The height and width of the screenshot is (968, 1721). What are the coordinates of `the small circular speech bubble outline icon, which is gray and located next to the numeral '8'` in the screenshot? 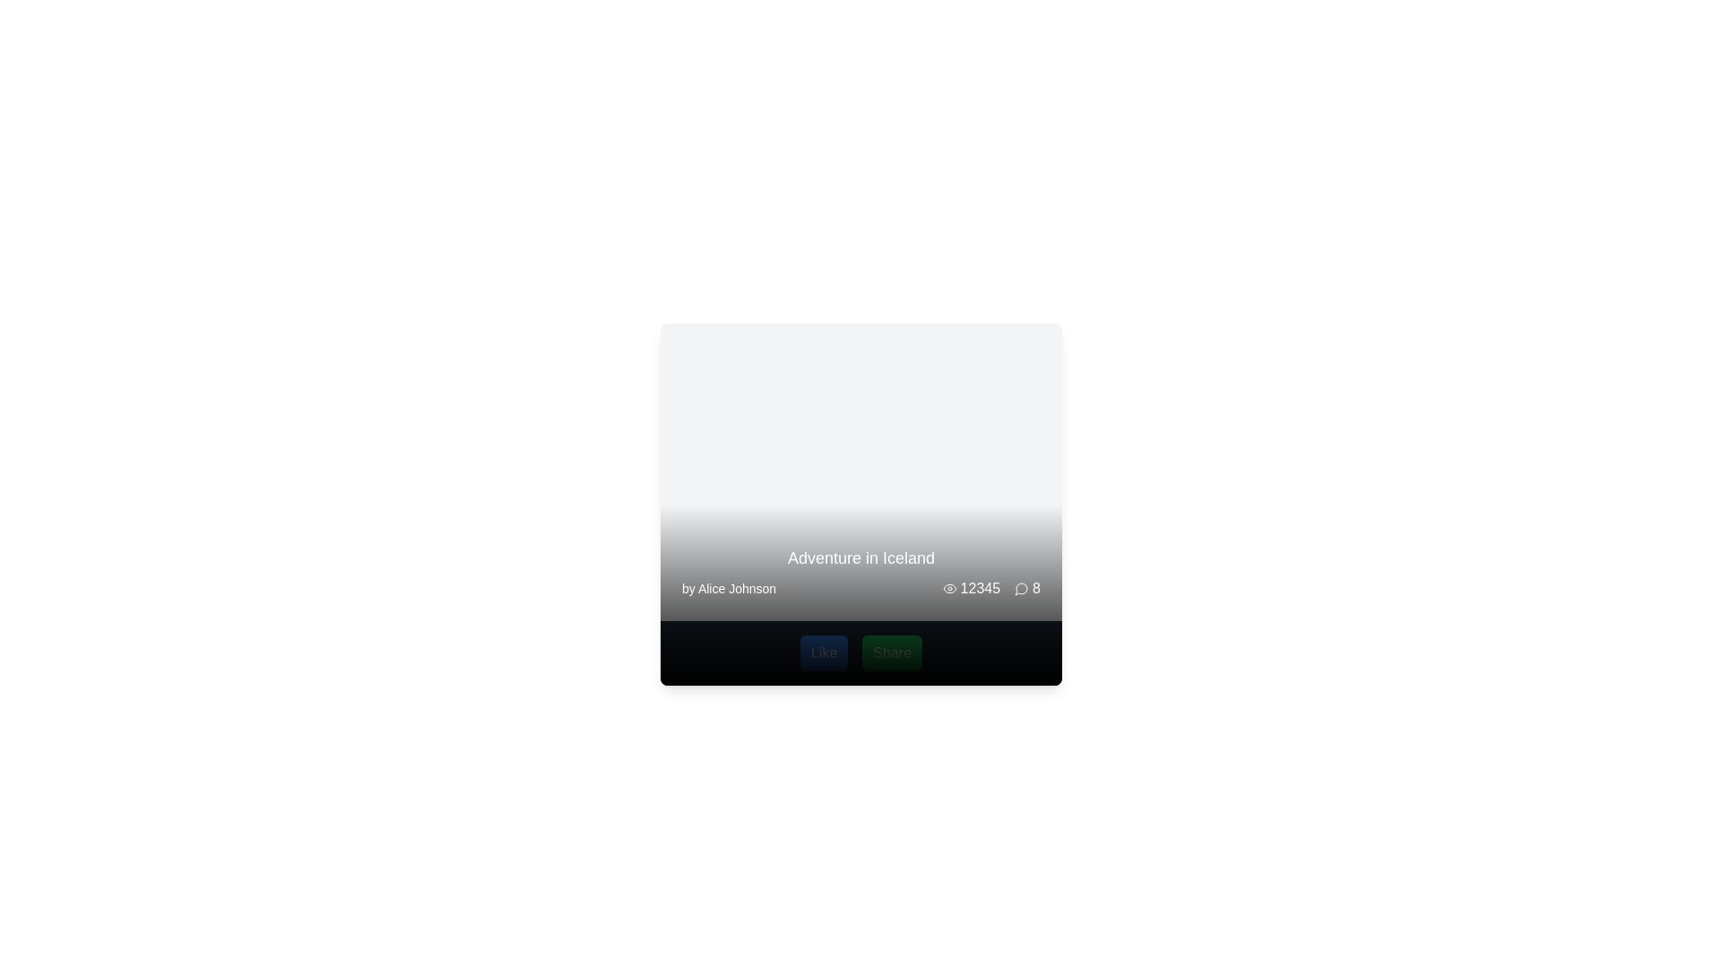 It's located at (1022, 588).